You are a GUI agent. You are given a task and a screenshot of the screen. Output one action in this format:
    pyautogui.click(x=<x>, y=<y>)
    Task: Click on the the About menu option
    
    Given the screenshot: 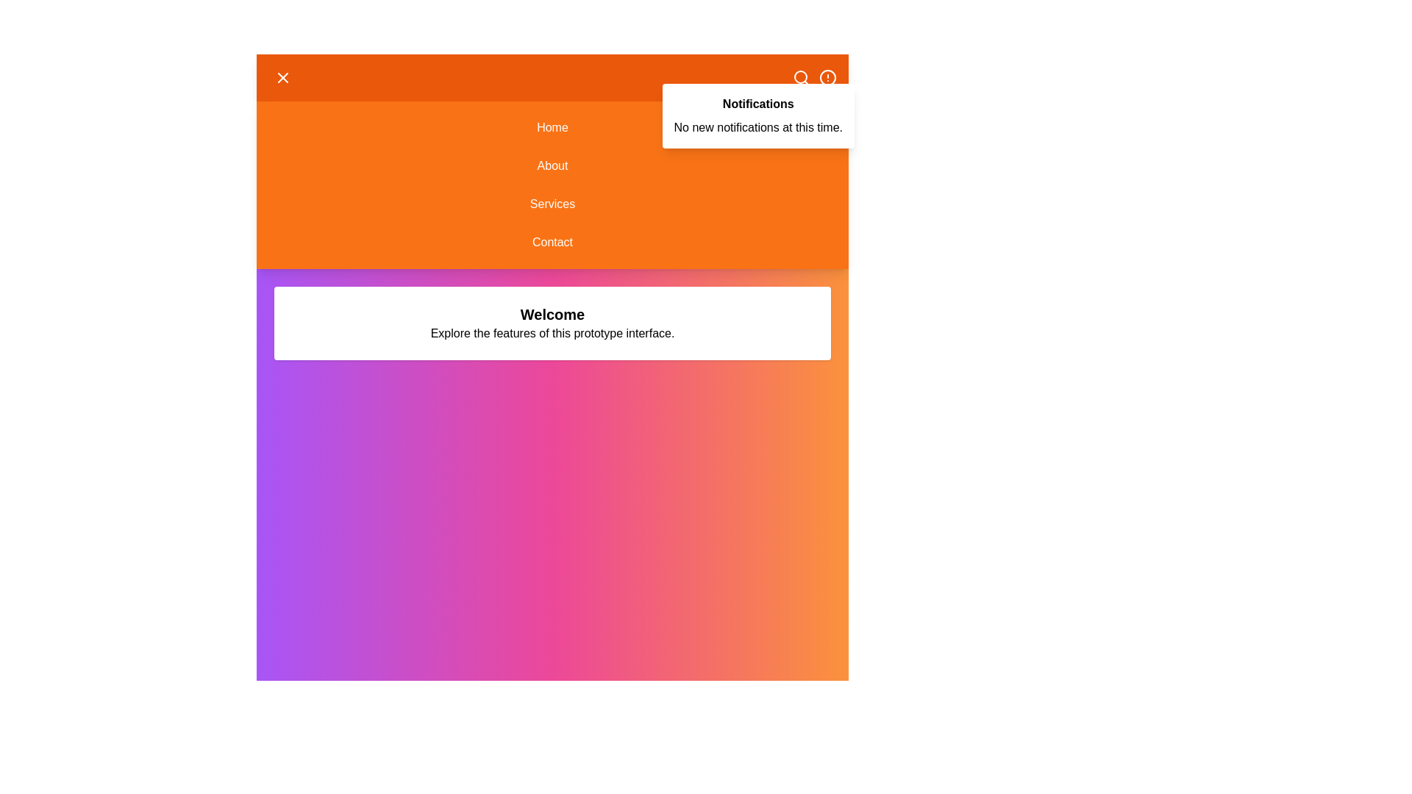 What is the action you would take?
    pyautogui.click(x=552, y=165)
    